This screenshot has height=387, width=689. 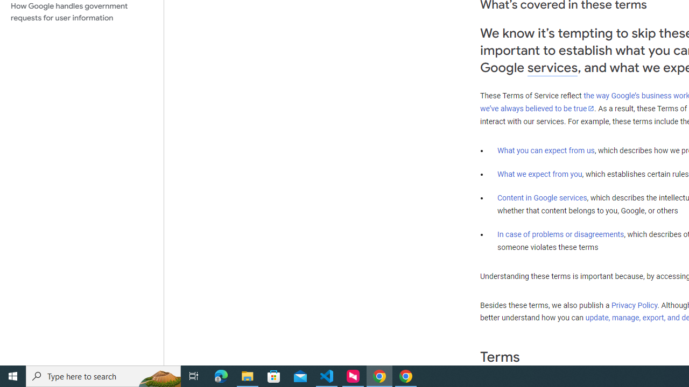 I want to click on 'In case of problems or disagreements', so click(x=560, y=233).